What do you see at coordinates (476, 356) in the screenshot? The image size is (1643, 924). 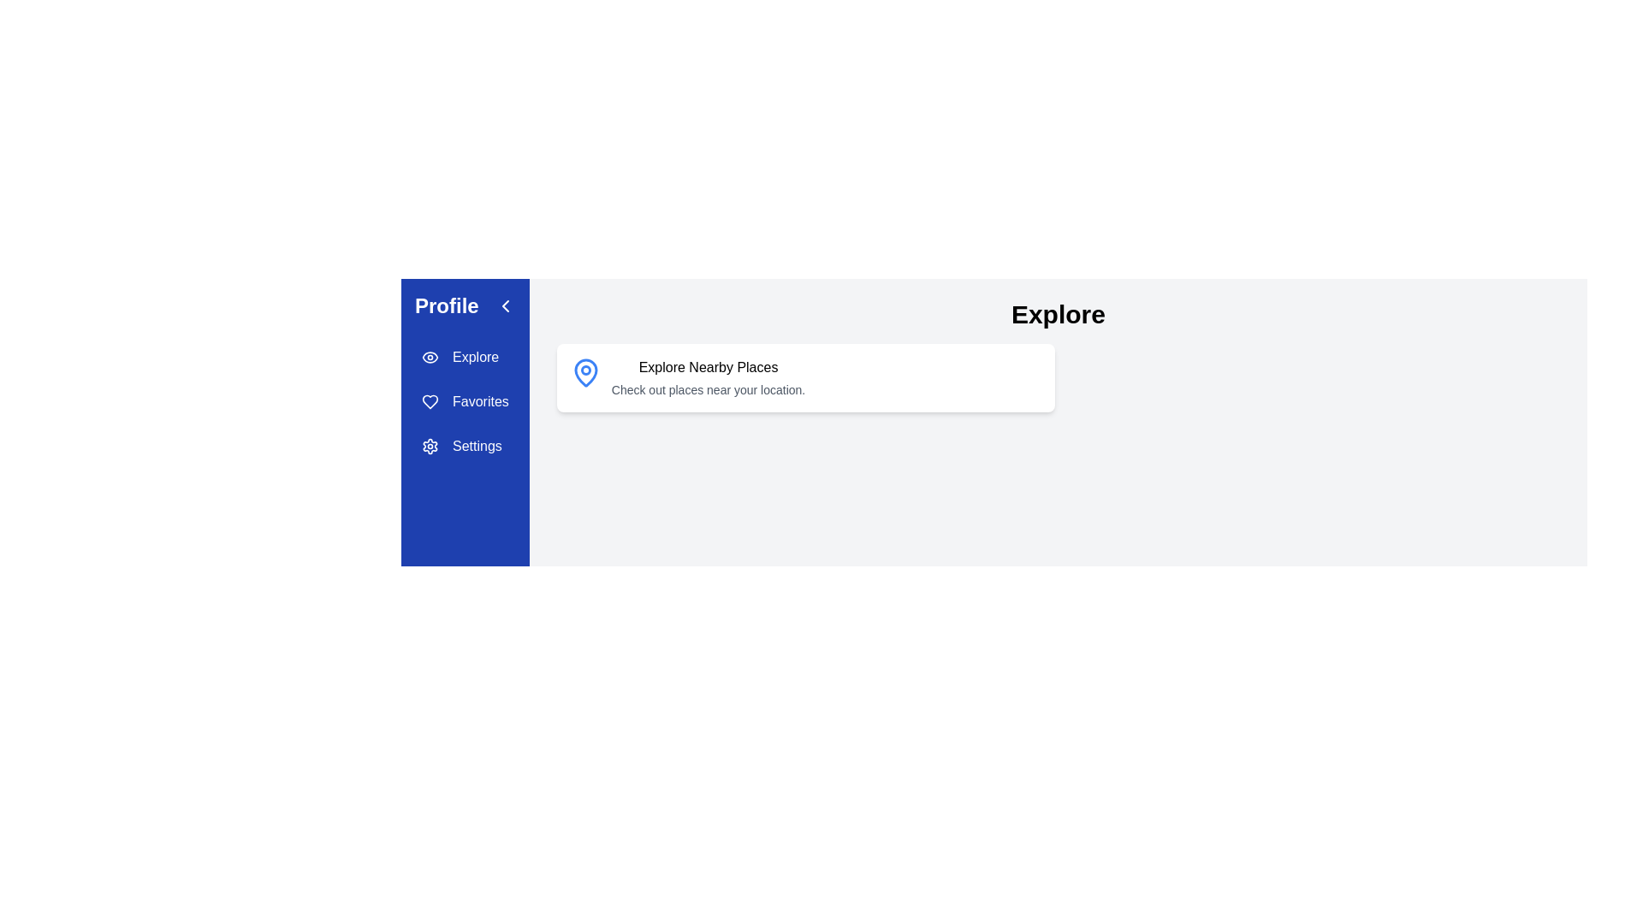 I see `the 'Explore' text label in the left-aligned navigation menu, which is styled with a bold font on a blue background` at bounding box center [476, 356].